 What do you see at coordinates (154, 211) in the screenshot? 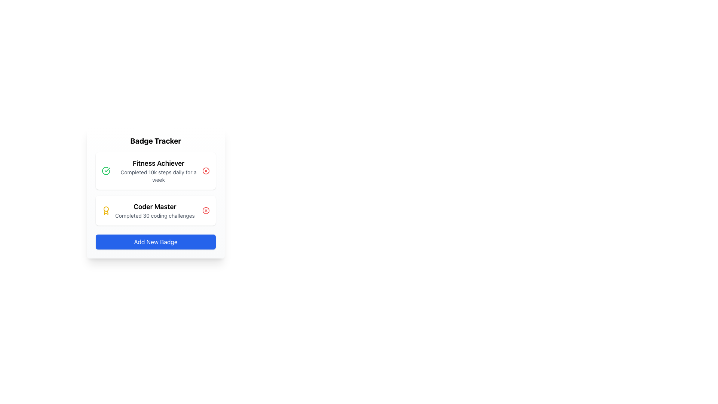
I see `on the Text Display element that shows 'Coder Master' and 'Completed 30 coding challenges'` at bounding box center [154, 211].